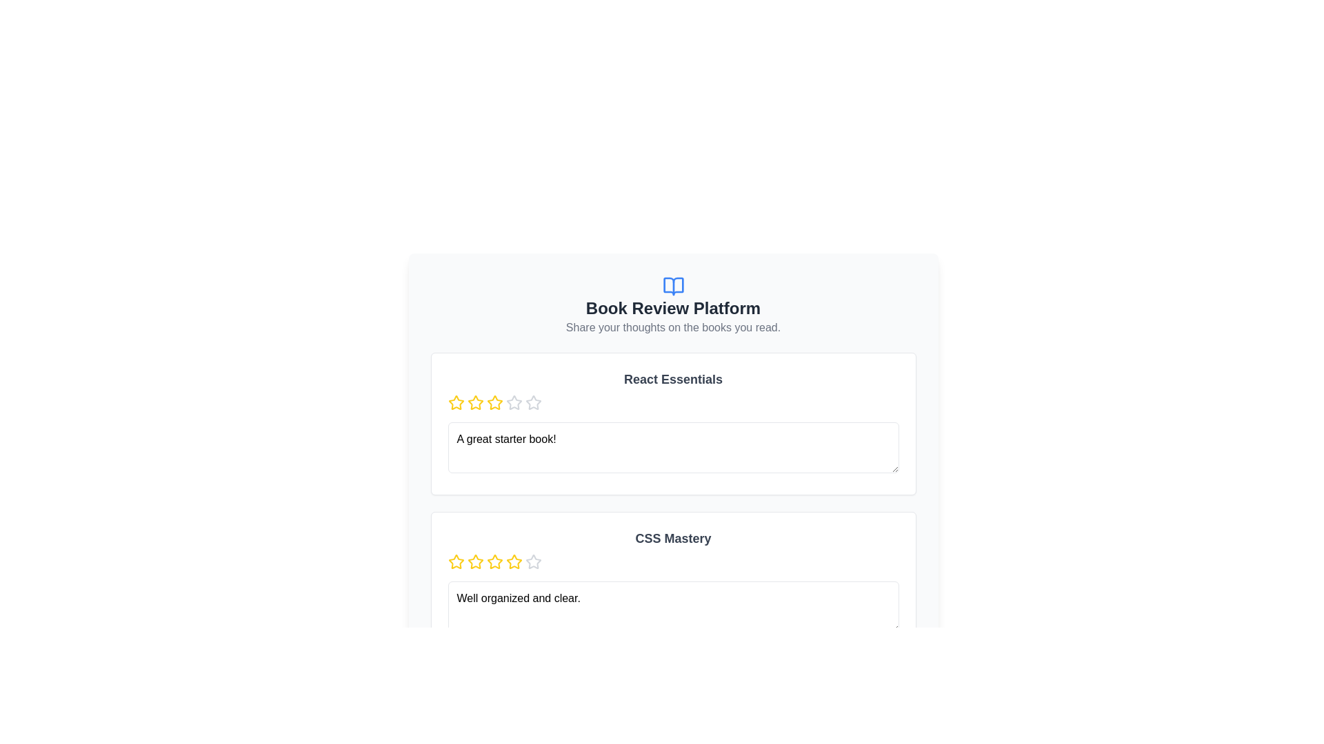 This screenshot has height=744, width=1324. I want to click on one of the interactive stars in the Rating component located below the 'CSS Mastery' title and above the comment area, so click(673, 562).